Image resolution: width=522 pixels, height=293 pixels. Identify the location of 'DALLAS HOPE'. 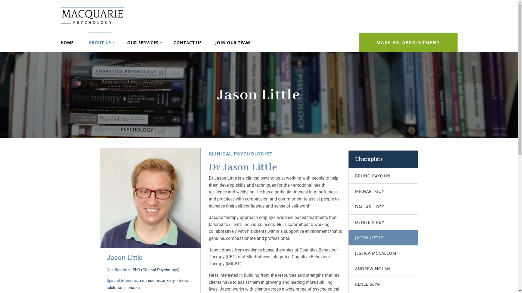
(348, 207).